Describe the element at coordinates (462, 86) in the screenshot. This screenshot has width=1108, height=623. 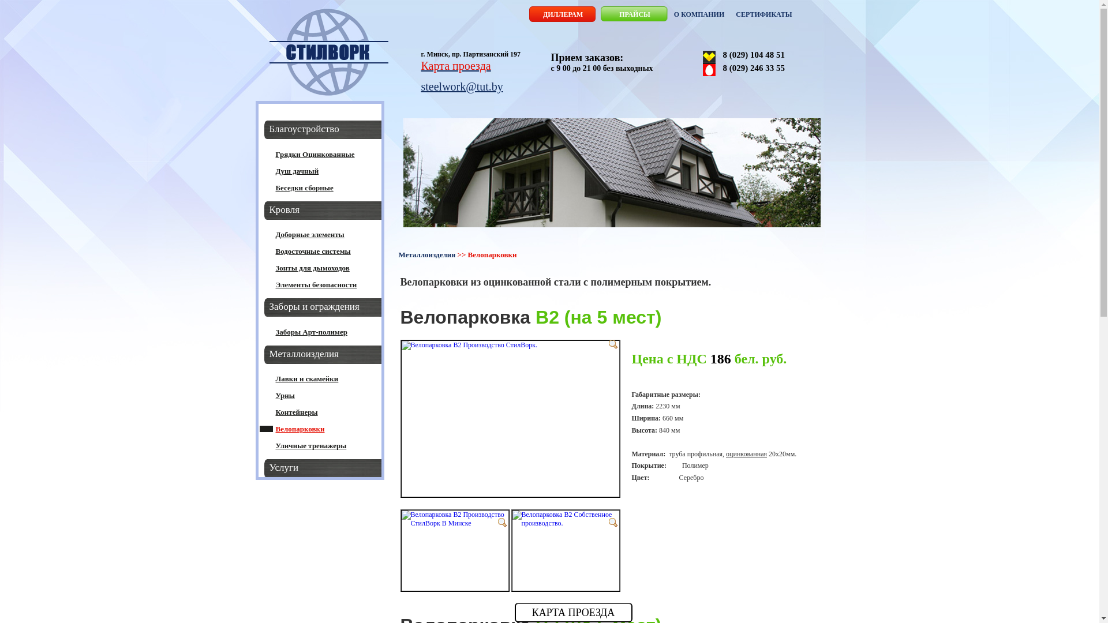
I see `'steelwork@tut.by'` at that location.